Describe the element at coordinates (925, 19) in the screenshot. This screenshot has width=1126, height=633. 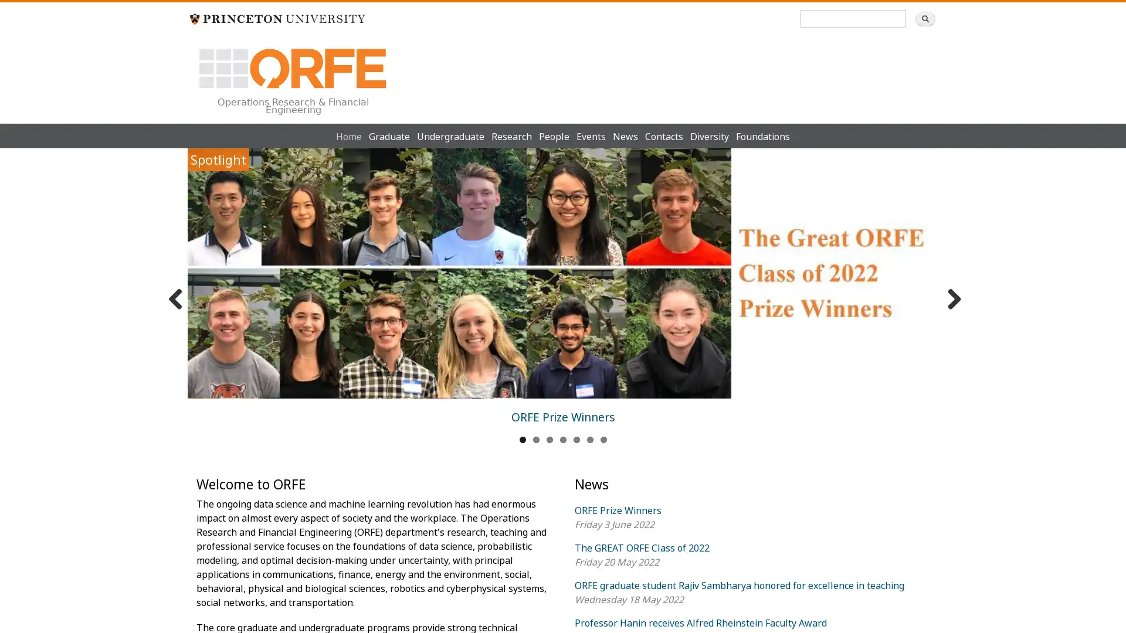
I see `Search` at that location.